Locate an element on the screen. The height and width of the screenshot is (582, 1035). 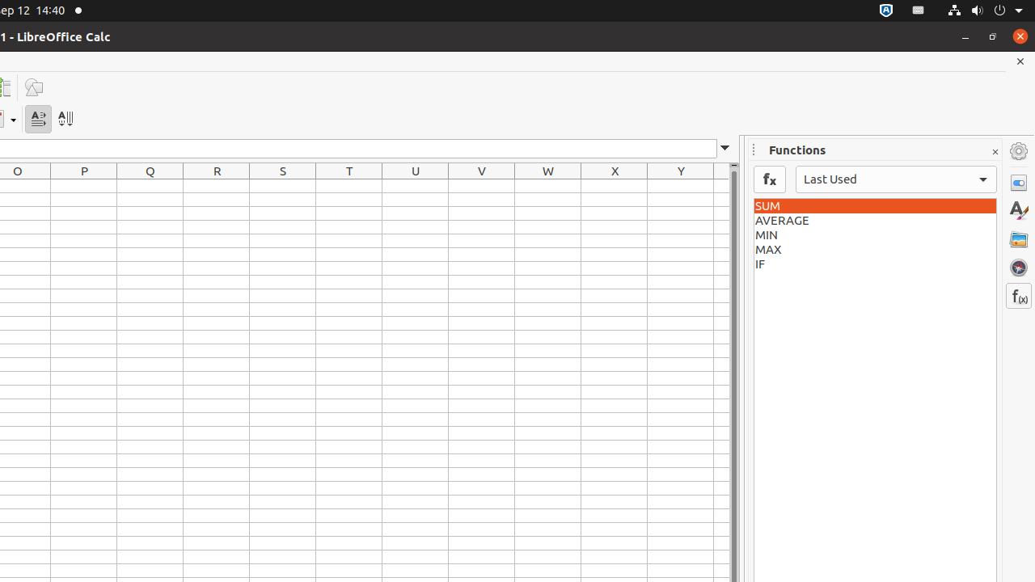
'System' is located at coordinates (984, 11).